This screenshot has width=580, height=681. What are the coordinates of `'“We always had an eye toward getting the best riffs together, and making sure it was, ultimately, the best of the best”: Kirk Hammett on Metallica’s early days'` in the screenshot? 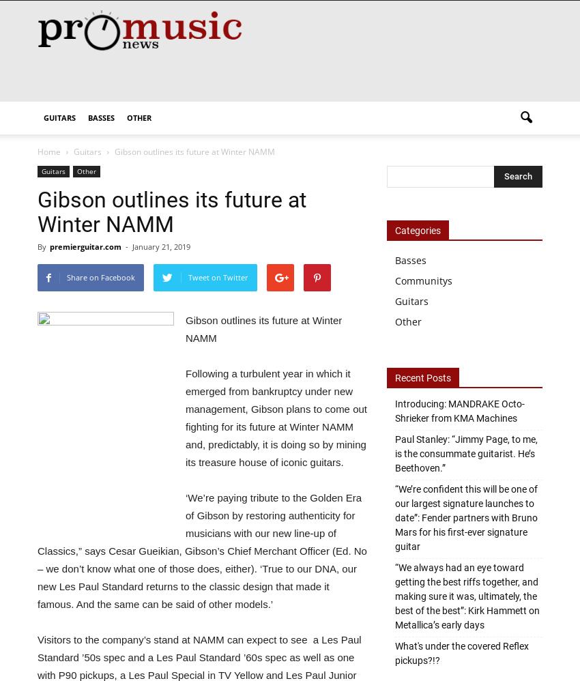 It's located at (467, 596).